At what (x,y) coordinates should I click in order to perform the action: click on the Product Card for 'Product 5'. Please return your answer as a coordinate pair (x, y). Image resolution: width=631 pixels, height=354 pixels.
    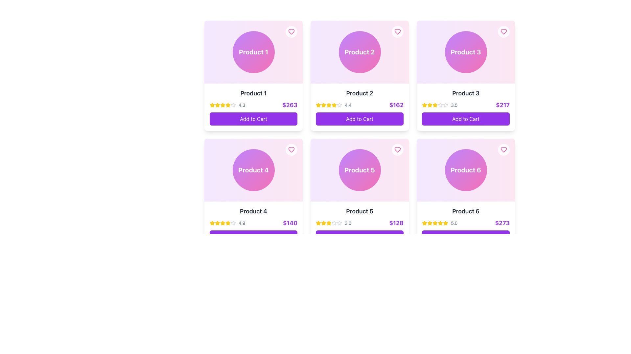
    Looking at the image, I should click on (359, 225).